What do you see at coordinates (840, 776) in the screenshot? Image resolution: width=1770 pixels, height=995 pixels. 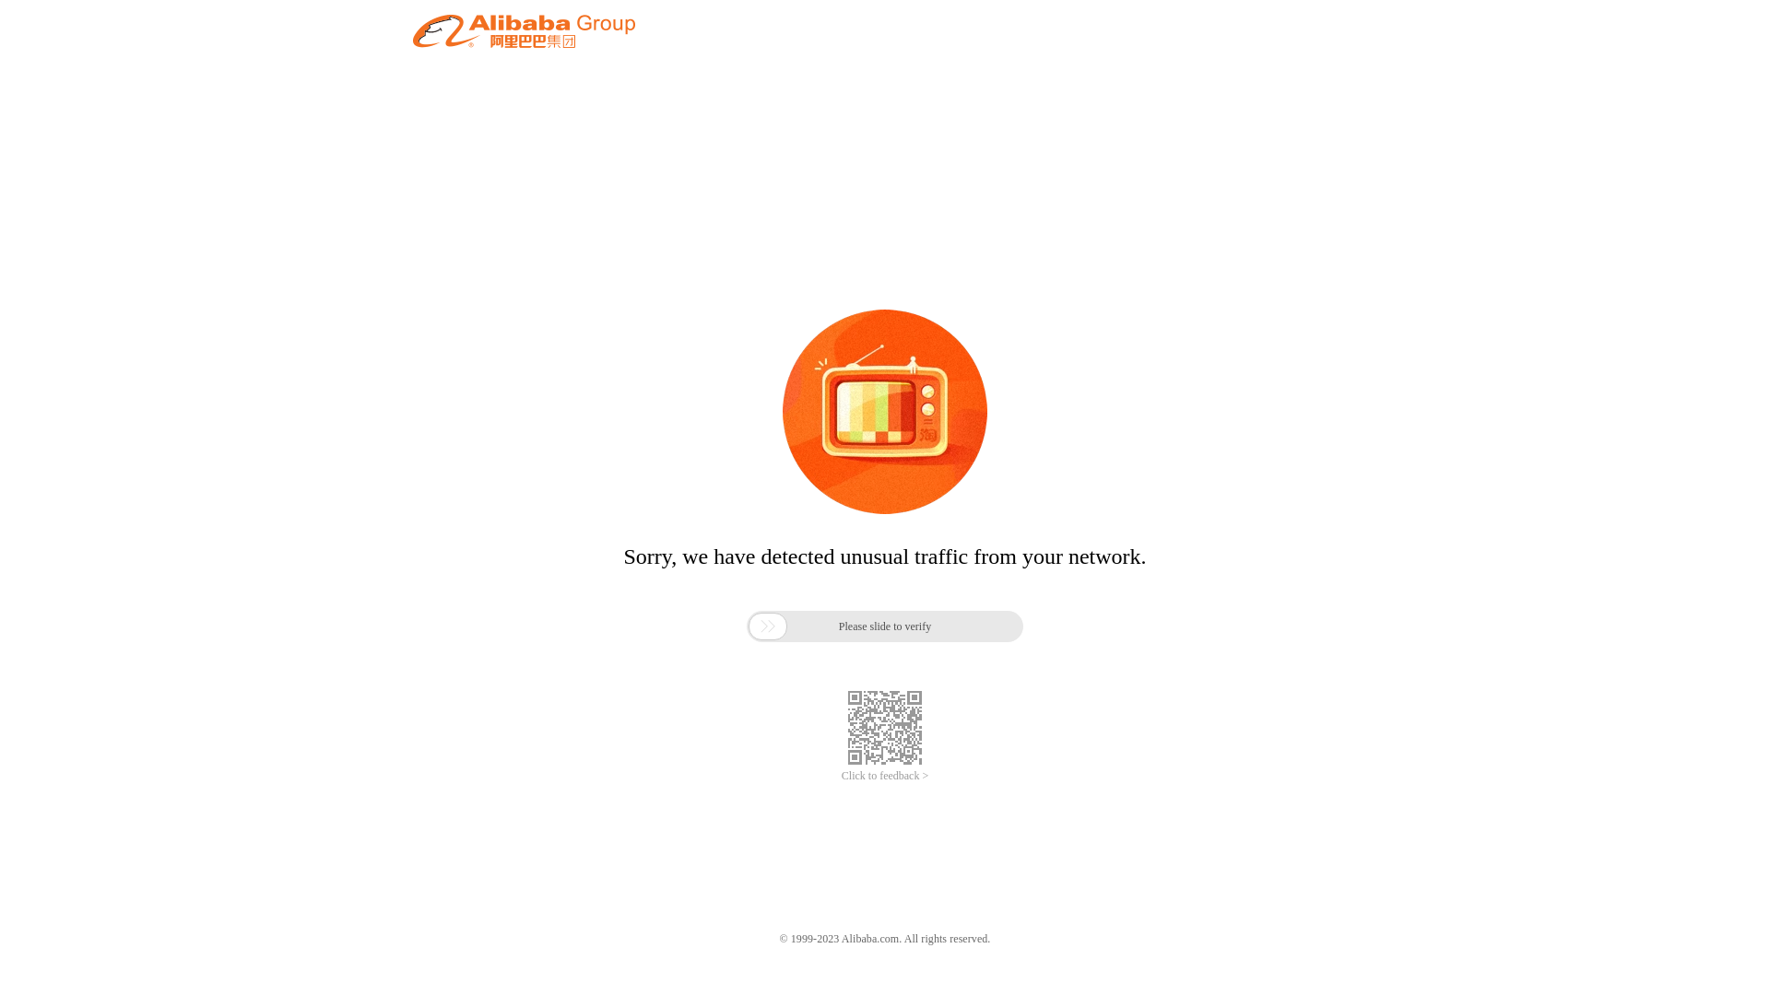 I see `'Click to feedback >'` at bounding box center [840, 776].